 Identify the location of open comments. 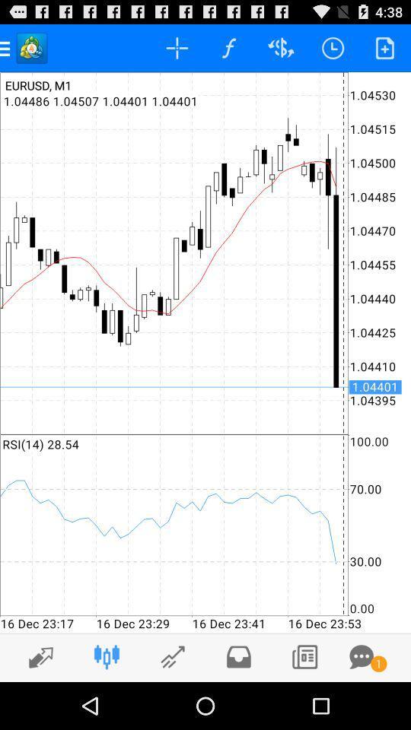
(361, 656).